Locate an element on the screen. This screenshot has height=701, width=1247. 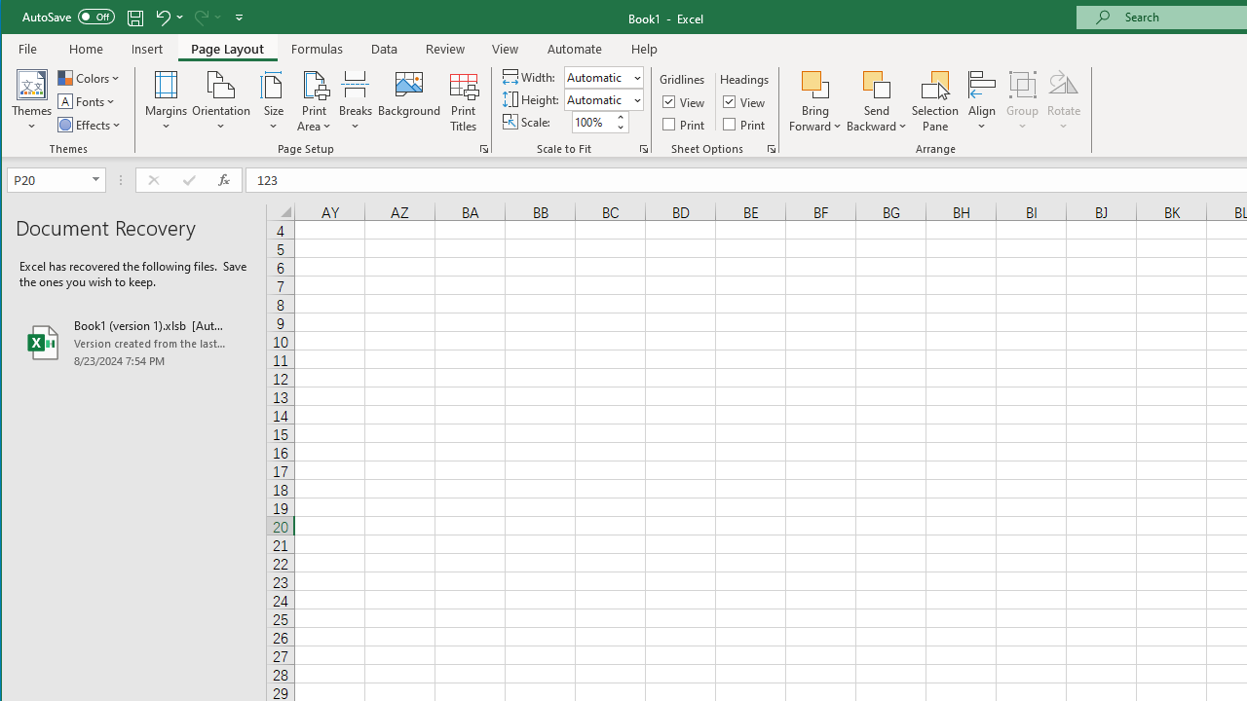
'Send Backward' is located at coordinates (876, 83).